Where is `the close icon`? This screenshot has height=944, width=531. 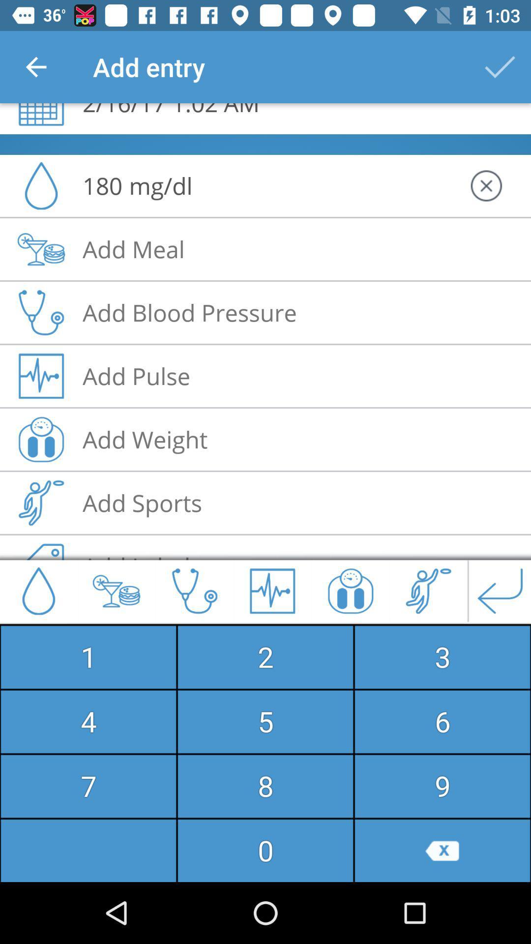
the close icon is located at coordinates (485, 186).